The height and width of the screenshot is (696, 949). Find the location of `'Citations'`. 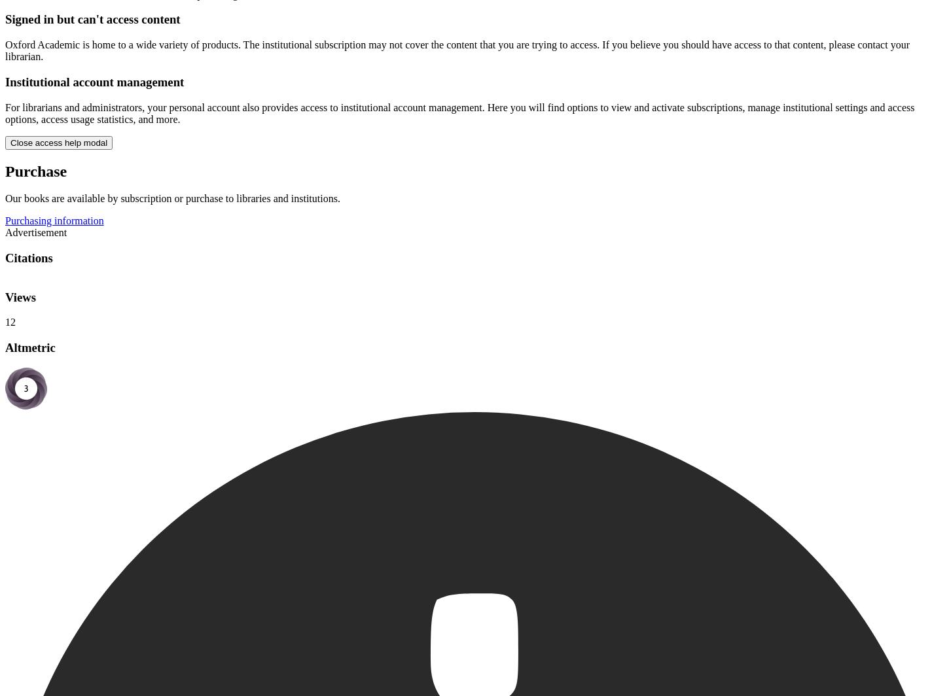

'Citations' is located at coordinates (28, 258).